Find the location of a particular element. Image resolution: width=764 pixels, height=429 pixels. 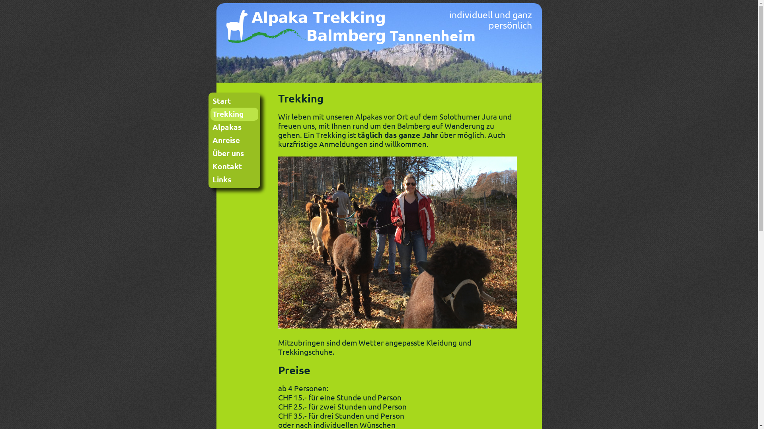

'Links' is located at coordinates (234, 180).